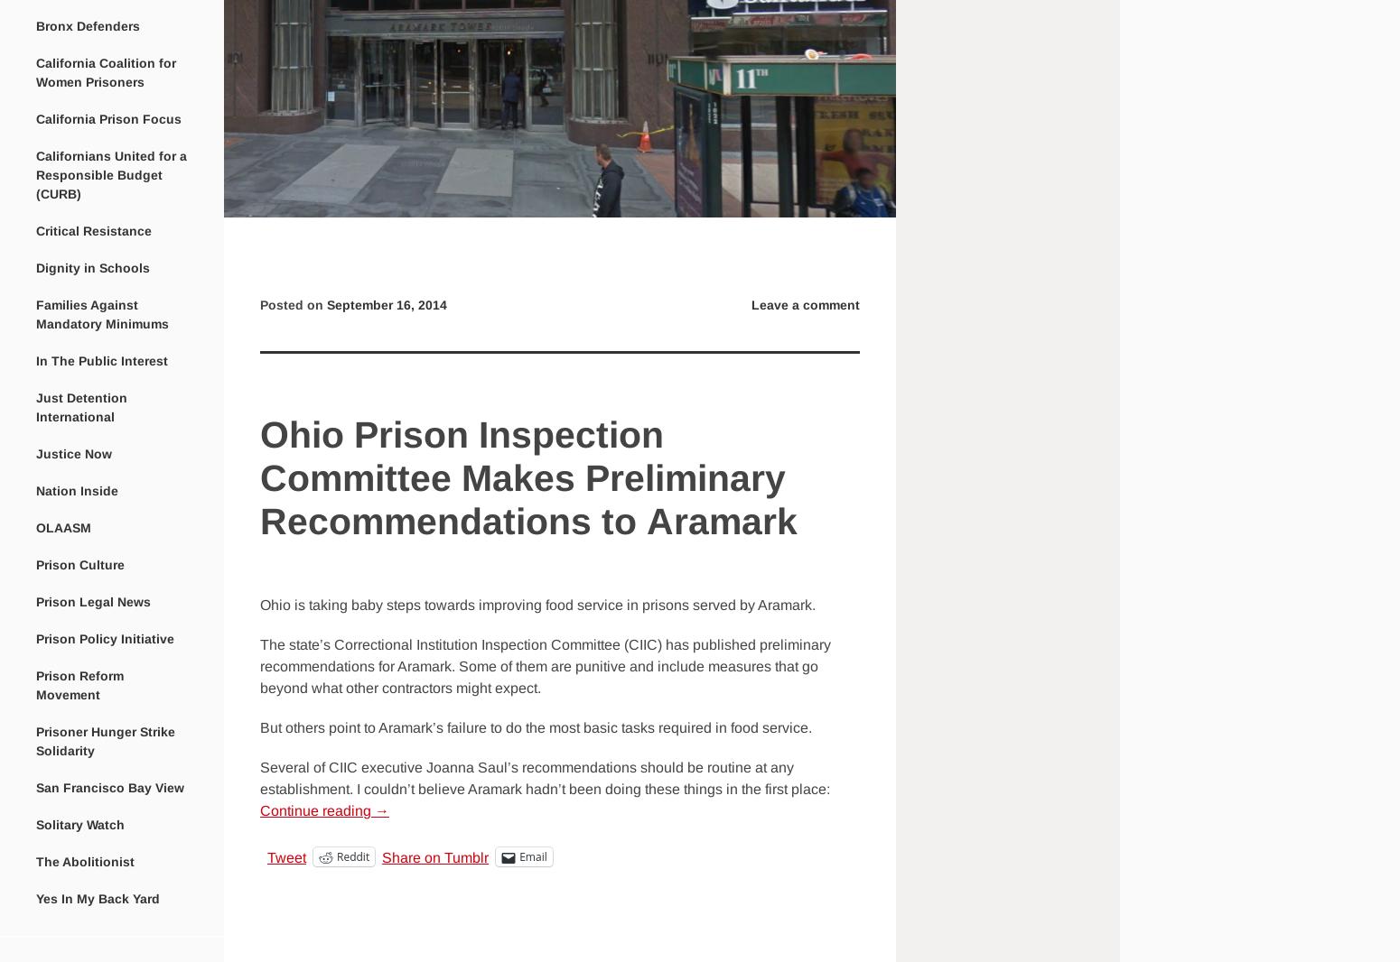 The image size is (1400, 962). Describe the element at coordinates (93, 600) in the screenshot. I see `'Prison Legal News'` at that location.